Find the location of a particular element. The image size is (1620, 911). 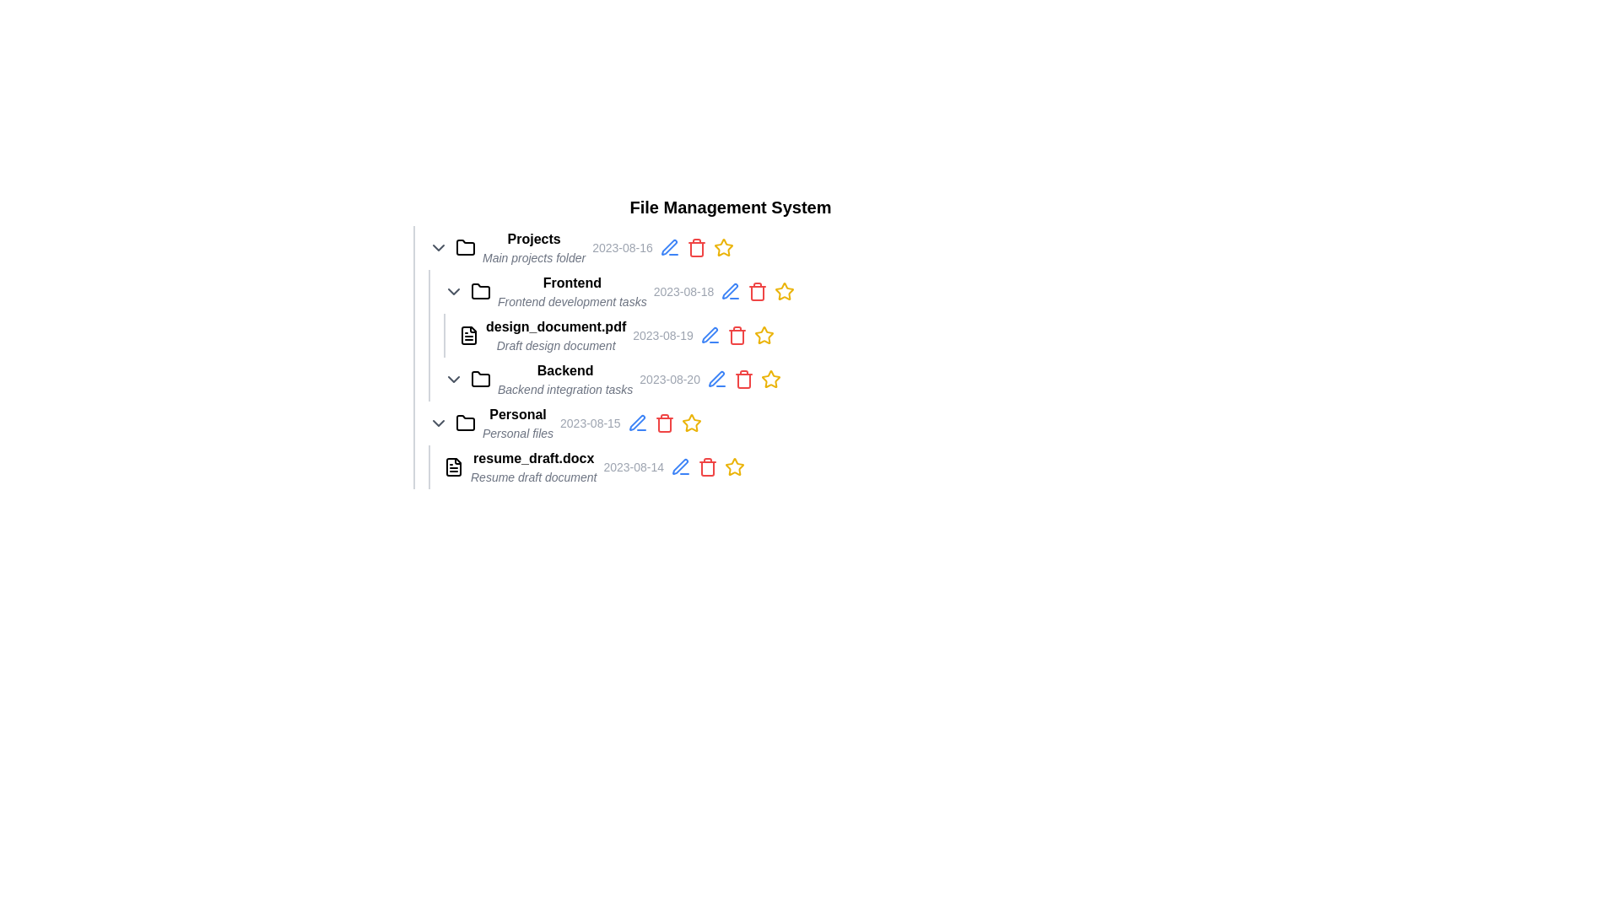

the document file icon located in the file list under the 'Frontend' project folder, positioned to the left of 'design_document.pdf' is located at coordinates (469, 335).